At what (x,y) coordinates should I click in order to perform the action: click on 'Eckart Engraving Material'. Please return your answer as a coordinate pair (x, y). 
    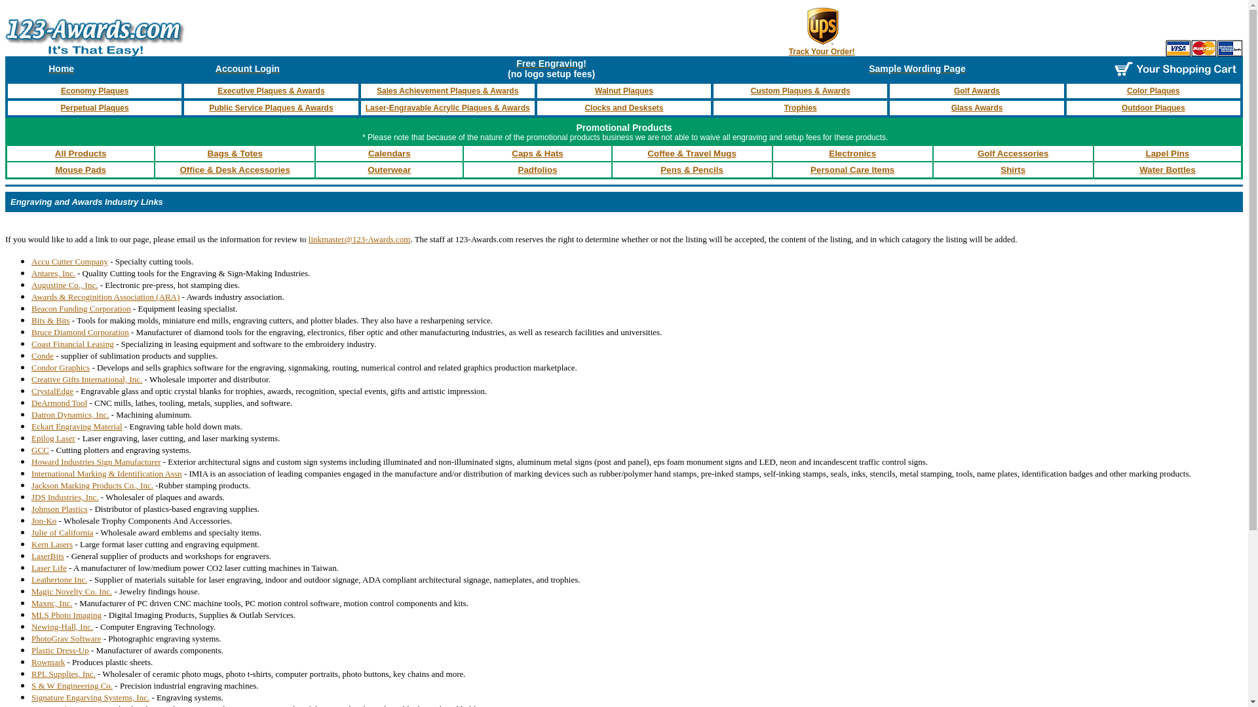
    Looking at the image, I should click on (76, 426).